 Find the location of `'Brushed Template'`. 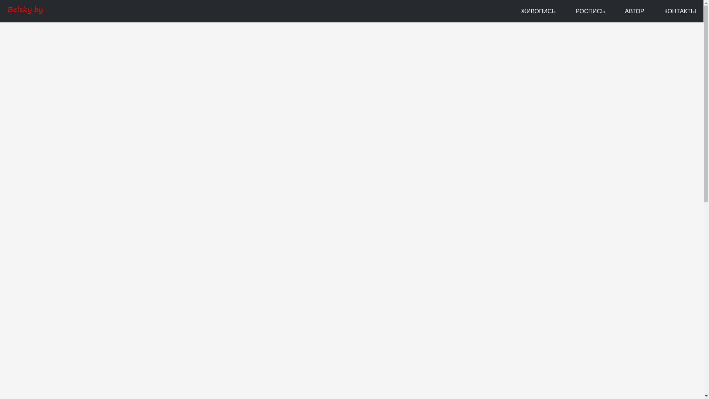

'Brushed Template' is located at coordinates (25, 11).